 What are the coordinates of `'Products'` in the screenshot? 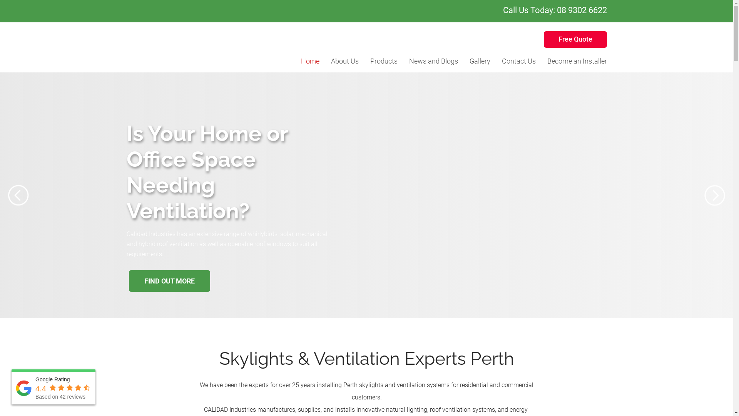 It's located at (384, 60).